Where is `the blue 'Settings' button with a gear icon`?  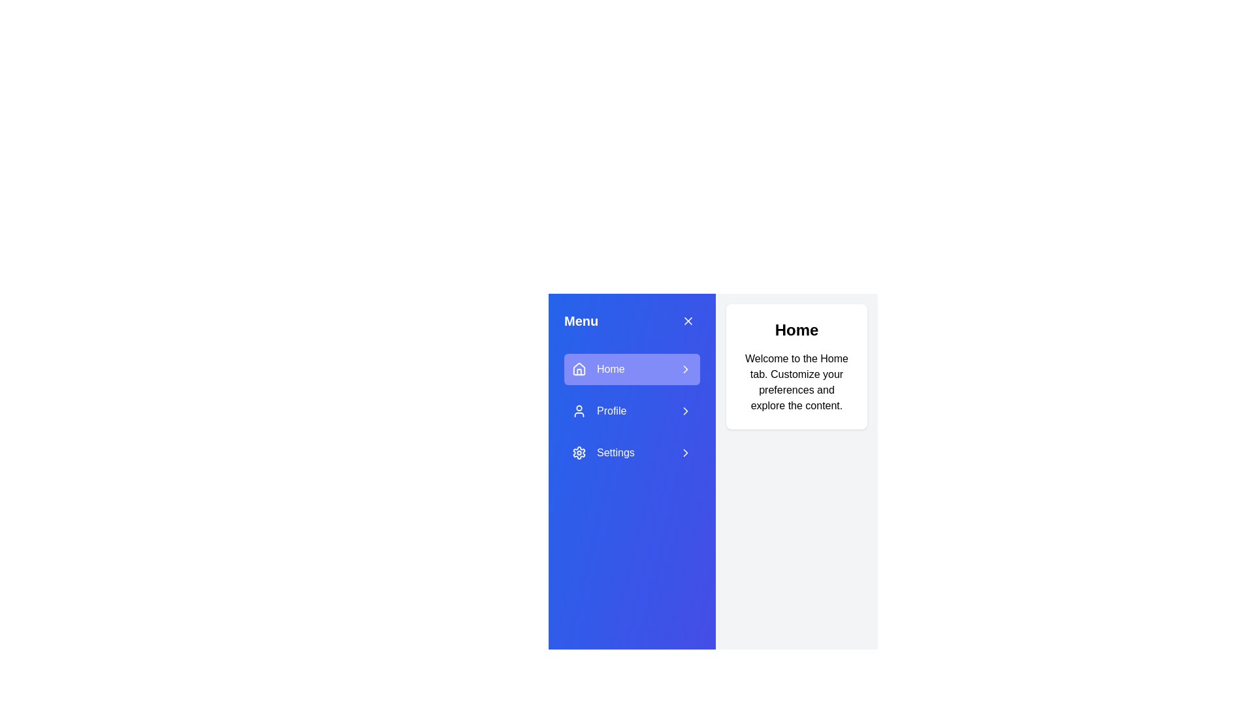
the blue 'Settings' button with a gear icon is located at coordinates (632, 452).